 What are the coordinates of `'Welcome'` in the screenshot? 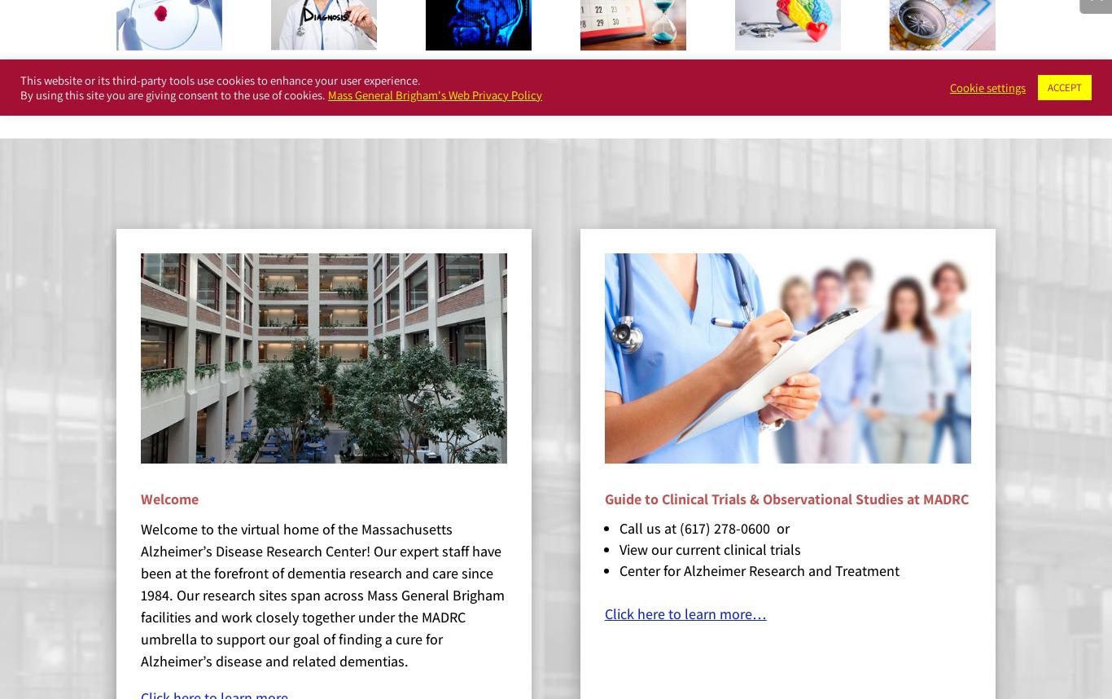 It's located at (169, 498).